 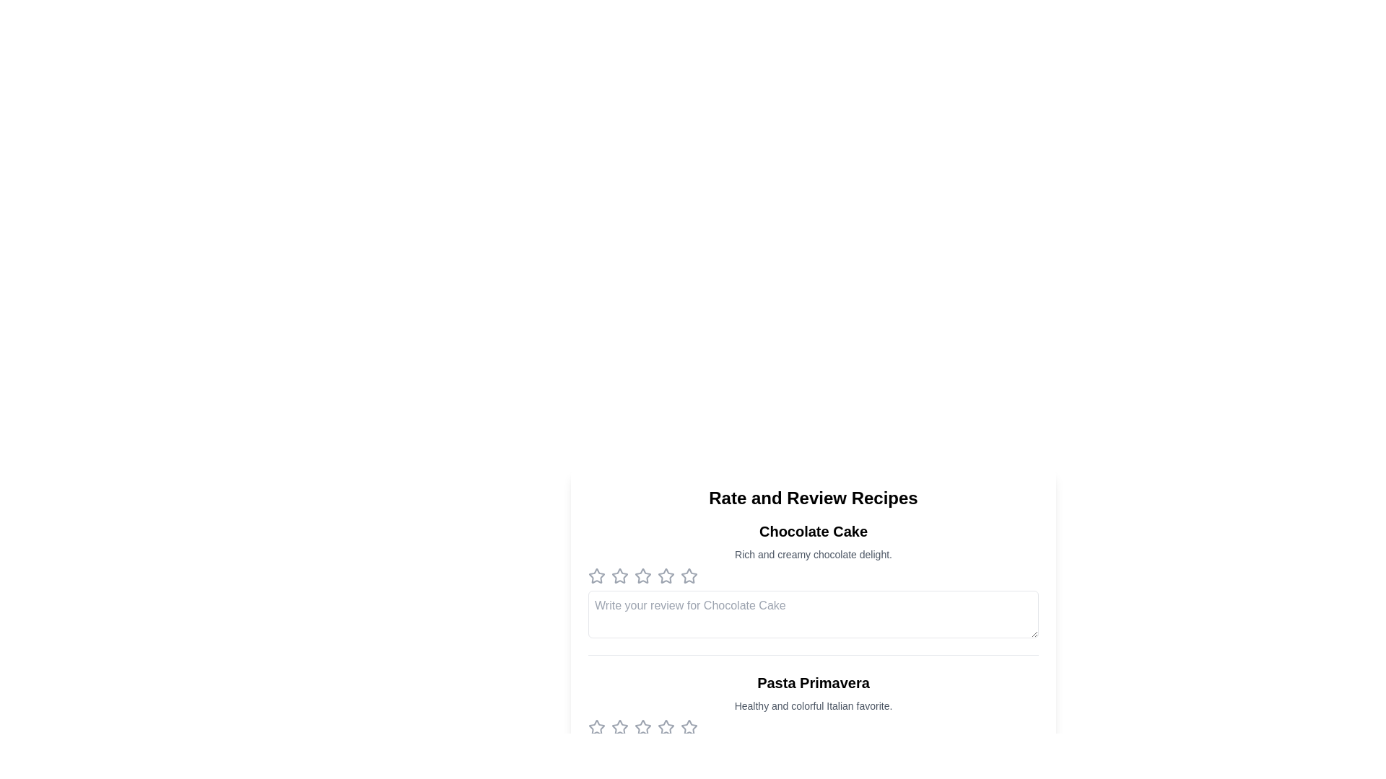 I want to click on the fourth star in the rating system under 'Pasta Primavera' in the 'Rate and Review Recipes' section, so click(x=665, y=728).